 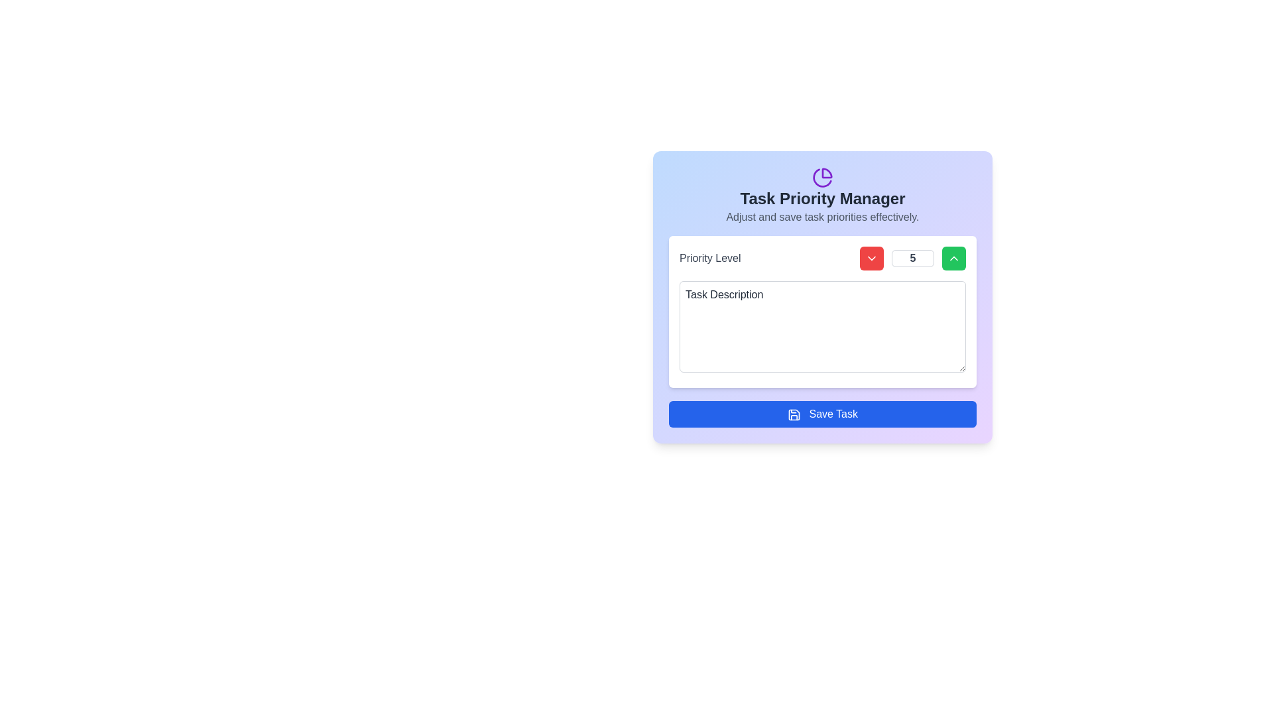 What do you see at coordinates (794, 414) in the screenshot?
I see `the floppy disk save icon graphic element located at the bottom center of the panel, which serves as the base structure of the 'Save Task' button` at bounding box center [794, 414].